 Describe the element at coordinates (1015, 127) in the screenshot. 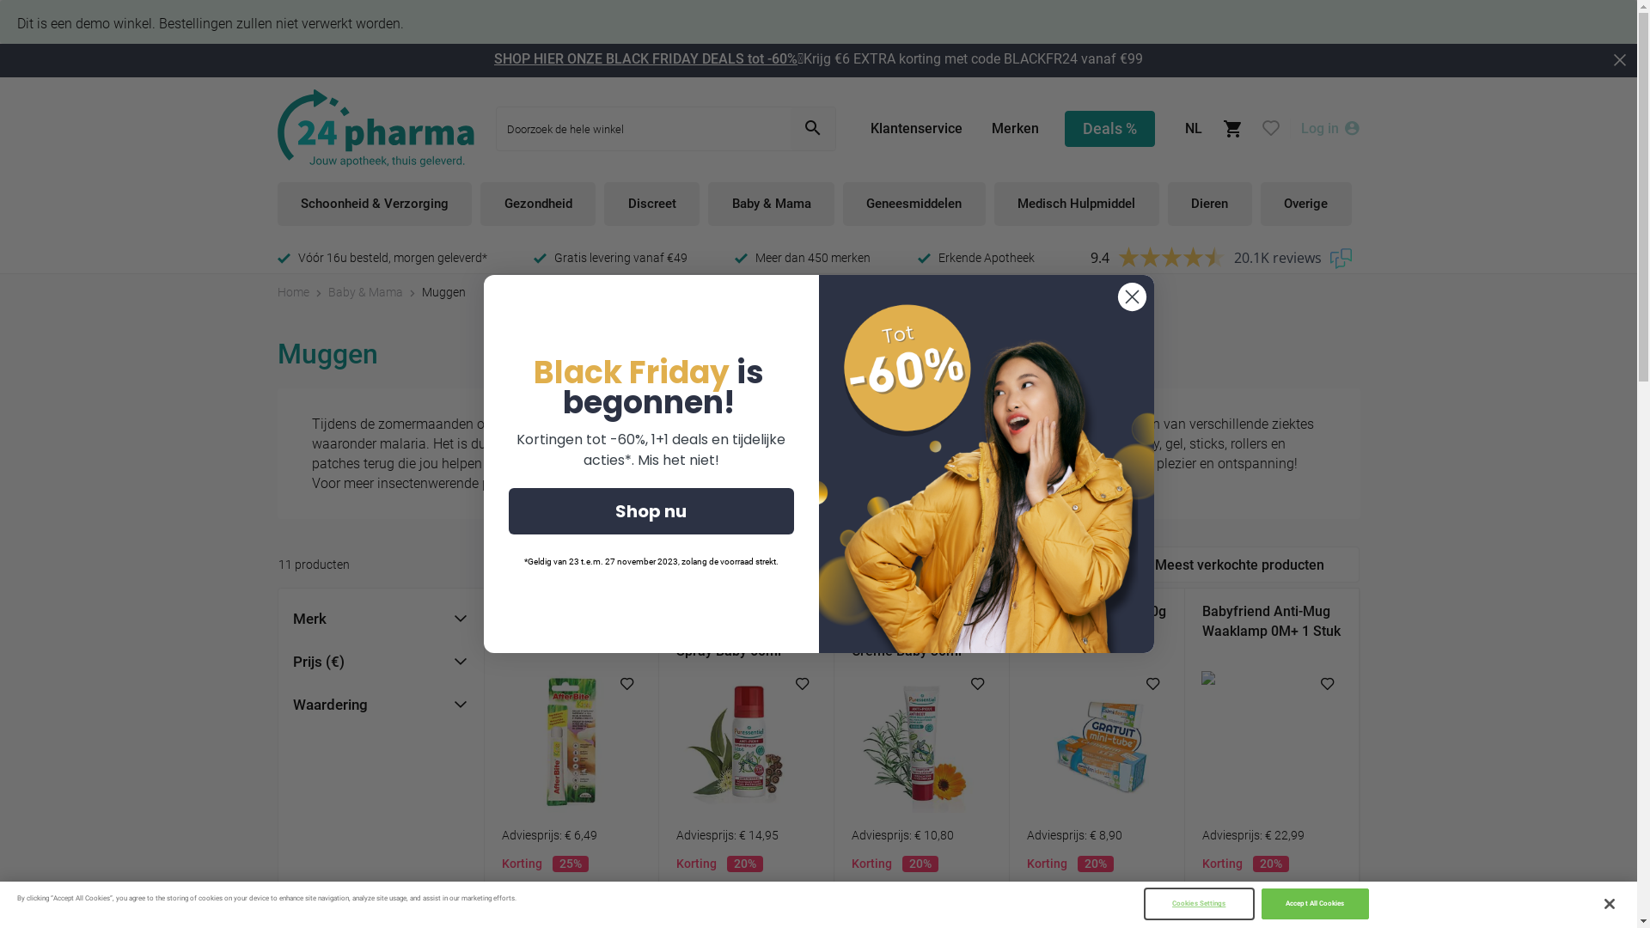

I see `'Merken'` at that location.